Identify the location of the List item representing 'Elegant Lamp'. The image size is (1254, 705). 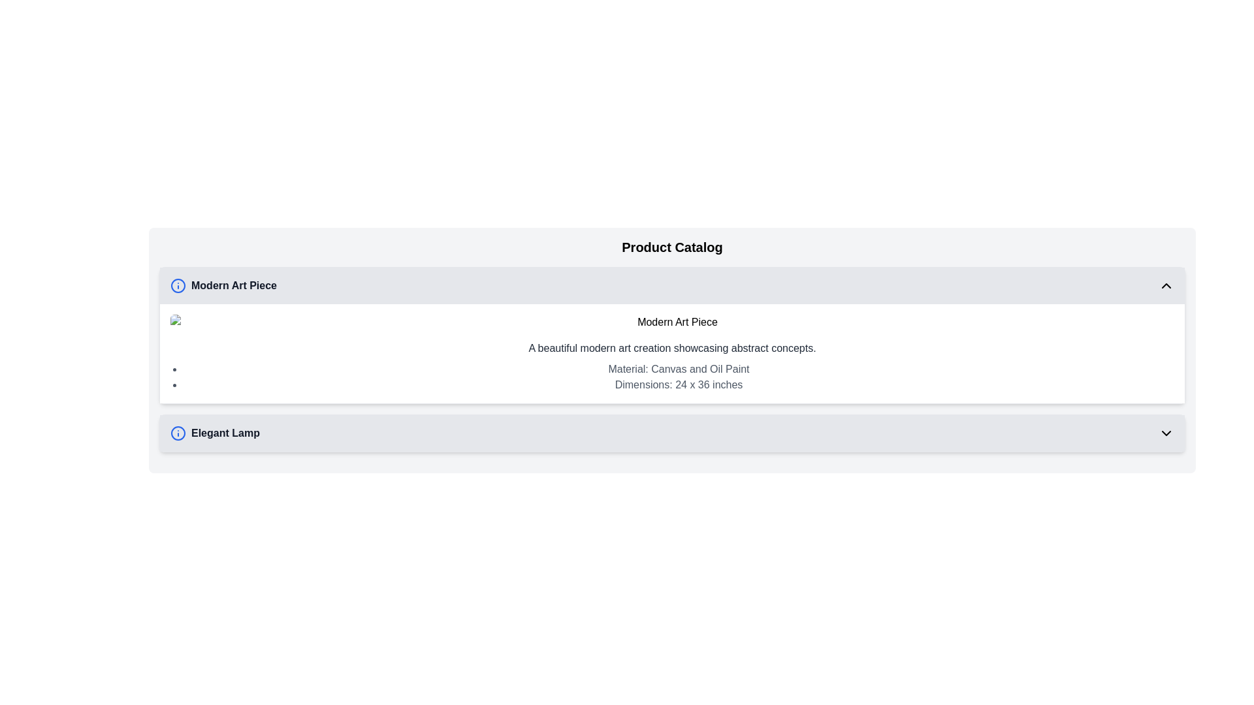
(672, 433).